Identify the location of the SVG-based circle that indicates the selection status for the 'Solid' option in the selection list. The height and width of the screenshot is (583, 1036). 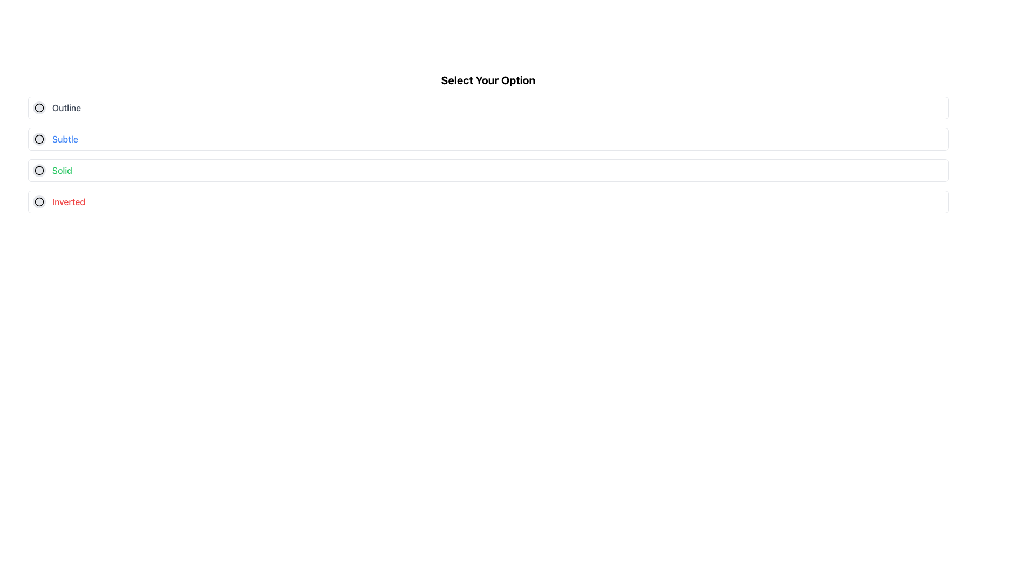
(39, 170).